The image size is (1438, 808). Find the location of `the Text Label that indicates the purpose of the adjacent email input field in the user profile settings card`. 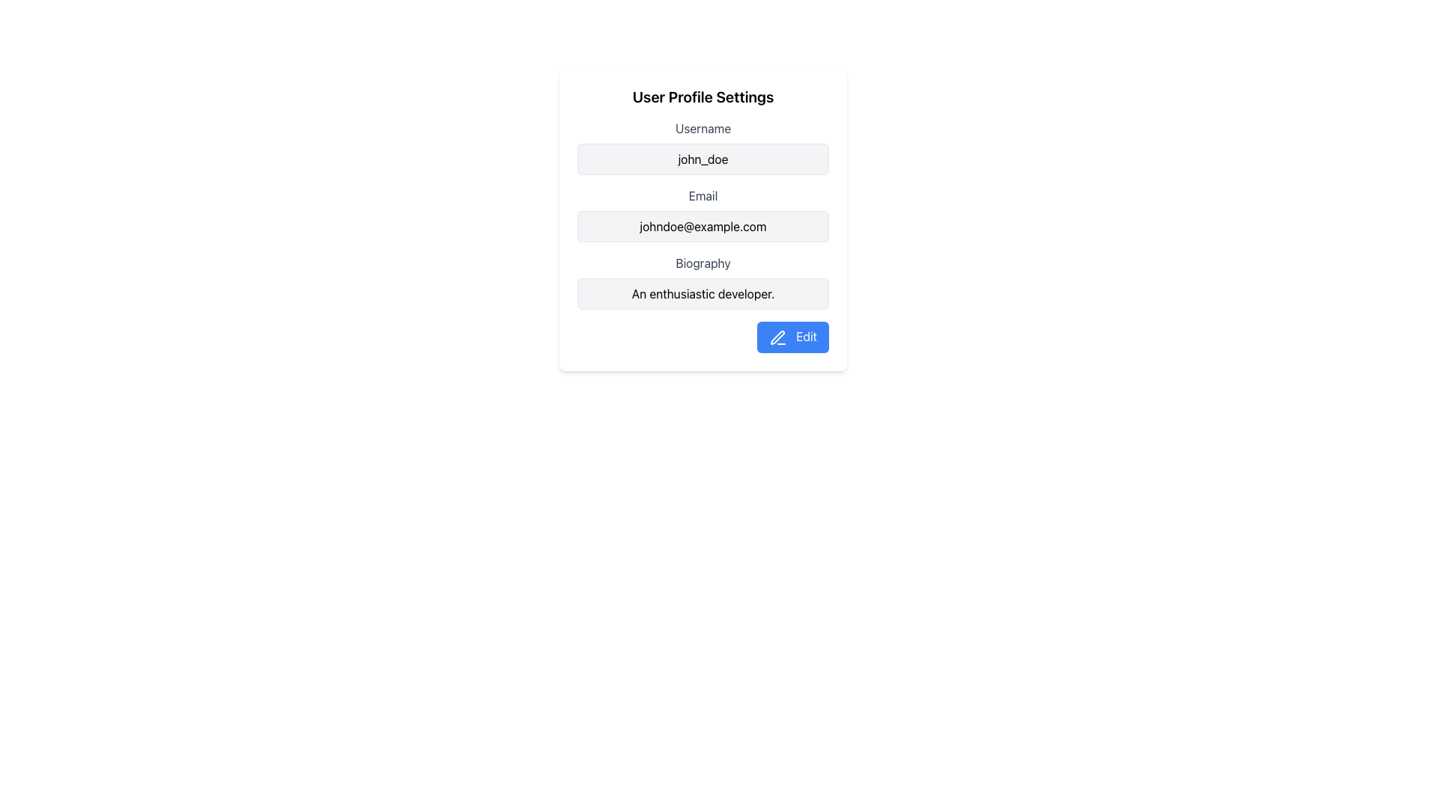

the Text Label that indicates the purpose of the adjacent email input field in the user profile settings card is located at coordinates (703, 195).